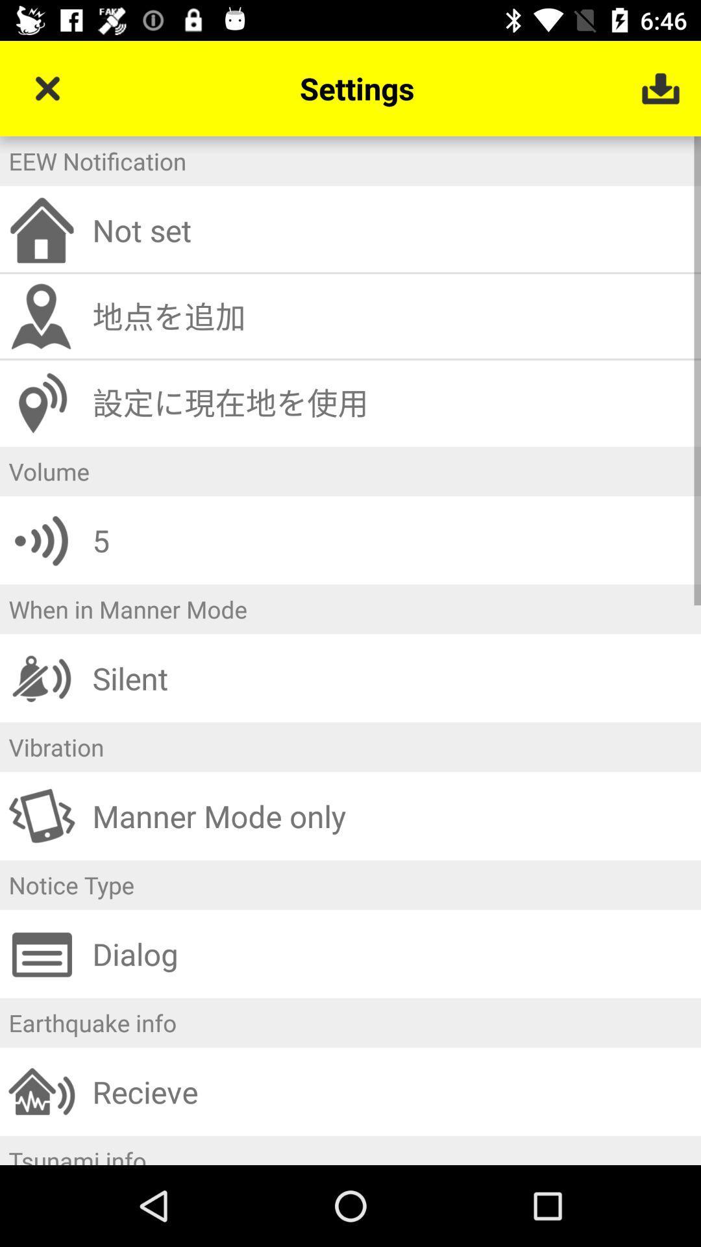  I want to click on icon to the left of settings item, so click(47, 88).